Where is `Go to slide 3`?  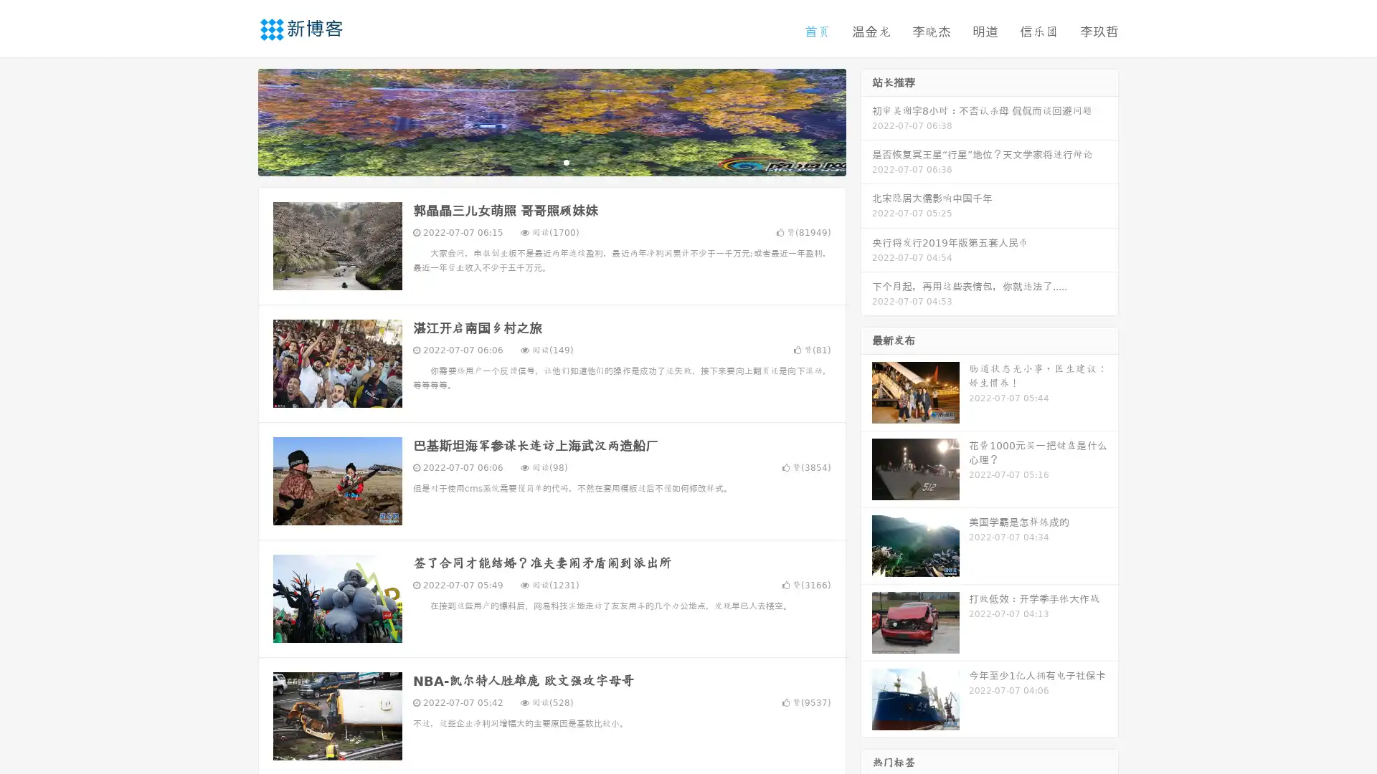 Go to slide 3 is located at coordinates (566, 161).